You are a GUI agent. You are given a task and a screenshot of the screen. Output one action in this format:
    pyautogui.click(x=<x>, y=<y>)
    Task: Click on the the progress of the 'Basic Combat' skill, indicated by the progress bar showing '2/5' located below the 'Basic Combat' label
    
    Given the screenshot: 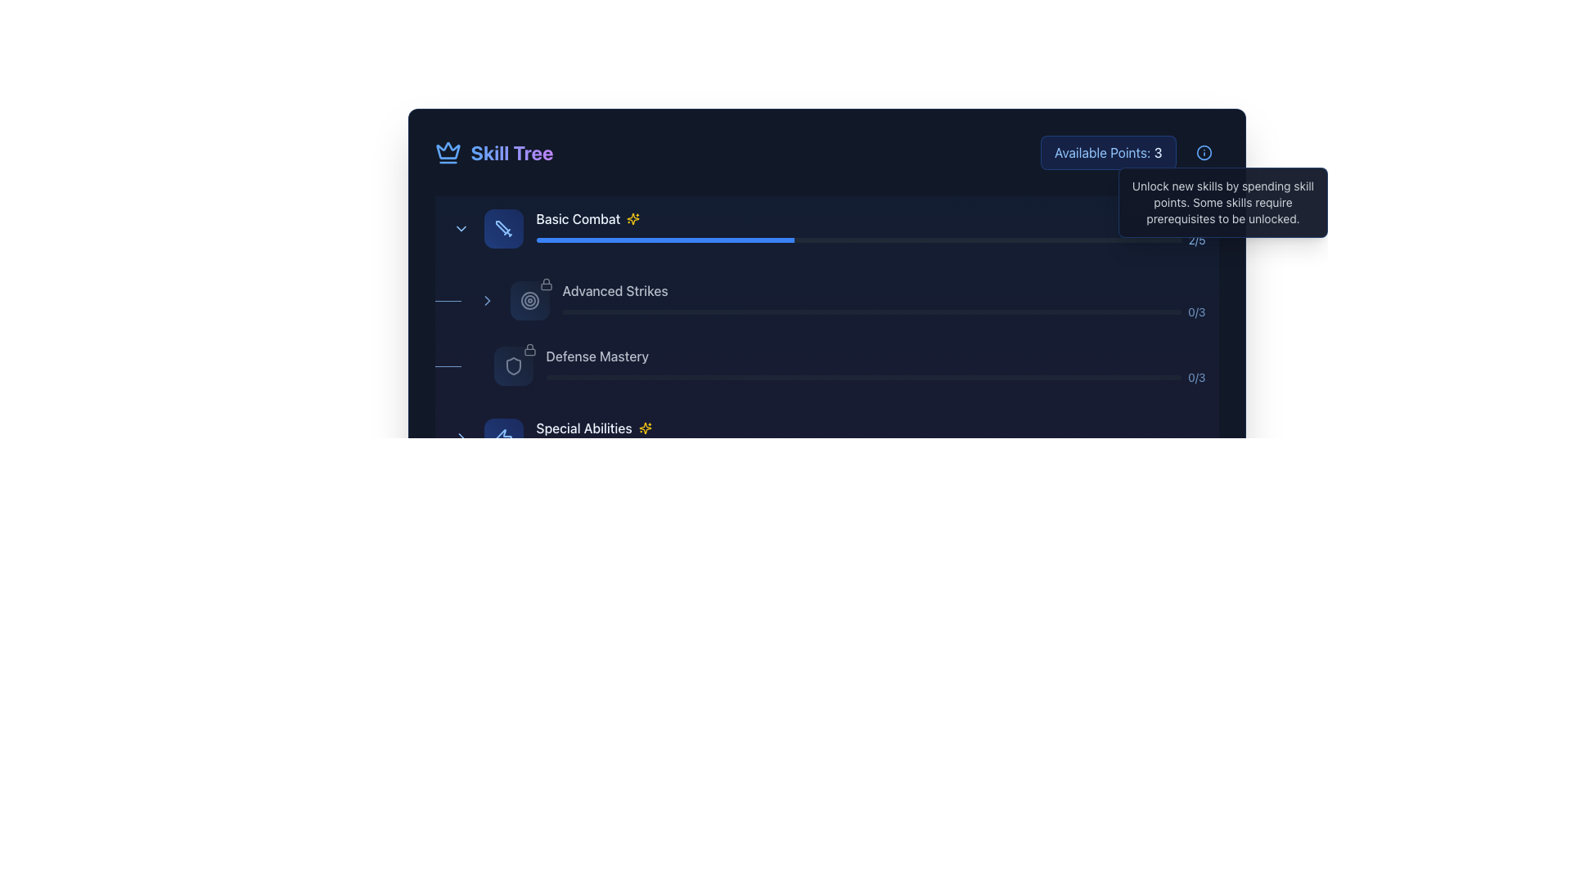 What is the action you would take?
    pyautogui.click(x=870, y=240)
    